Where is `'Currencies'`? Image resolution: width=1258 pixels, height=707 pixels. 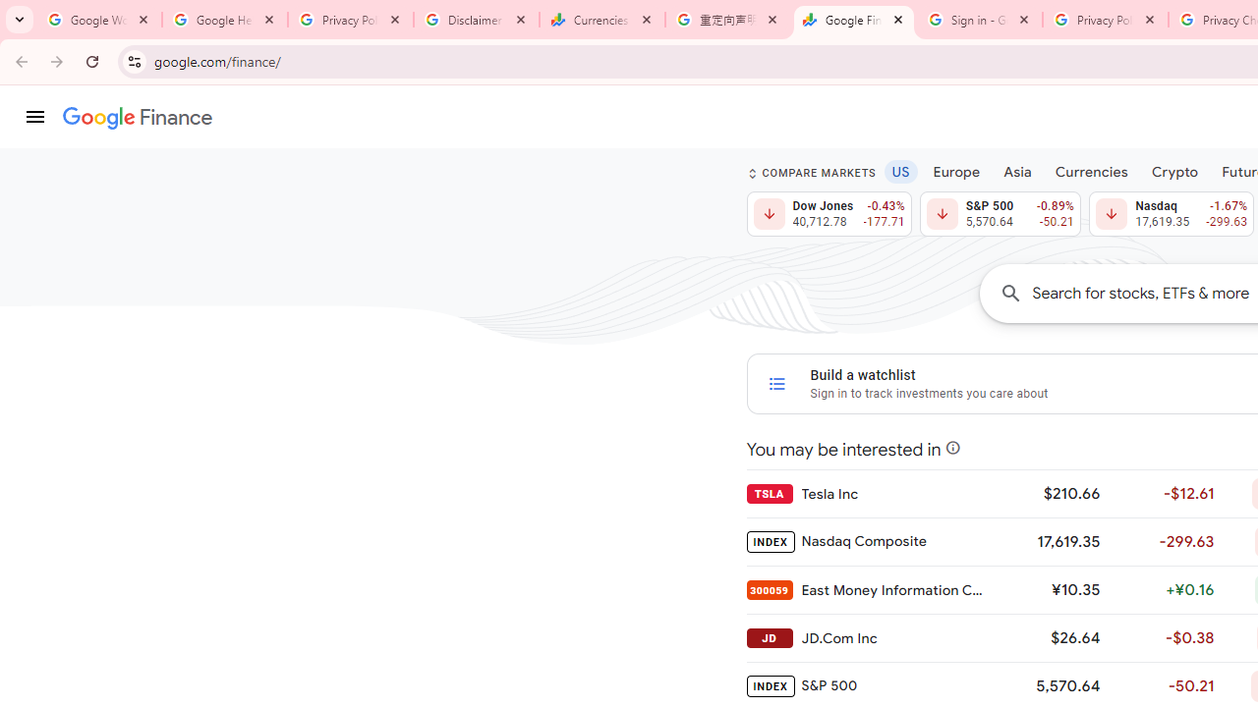 'Currencies' is located at coordinates (1090, 170).